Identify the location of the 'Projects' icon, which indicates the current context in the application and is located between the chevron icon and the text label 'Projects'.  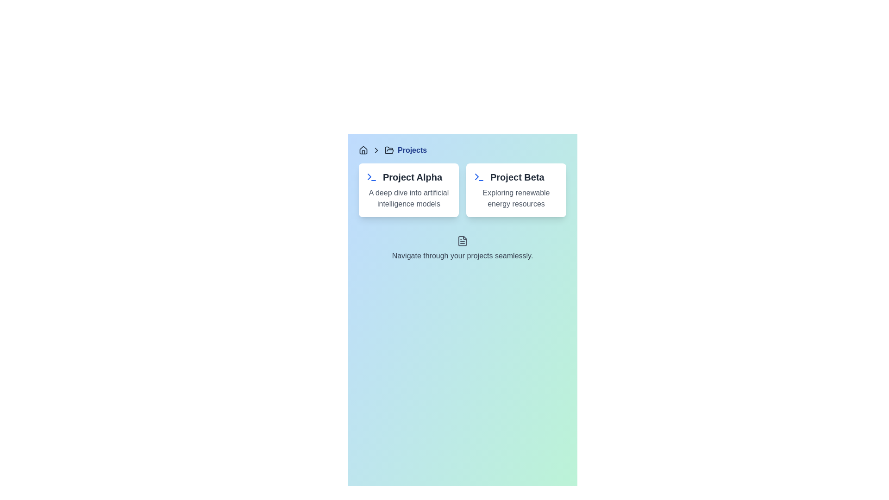
(389, 150).